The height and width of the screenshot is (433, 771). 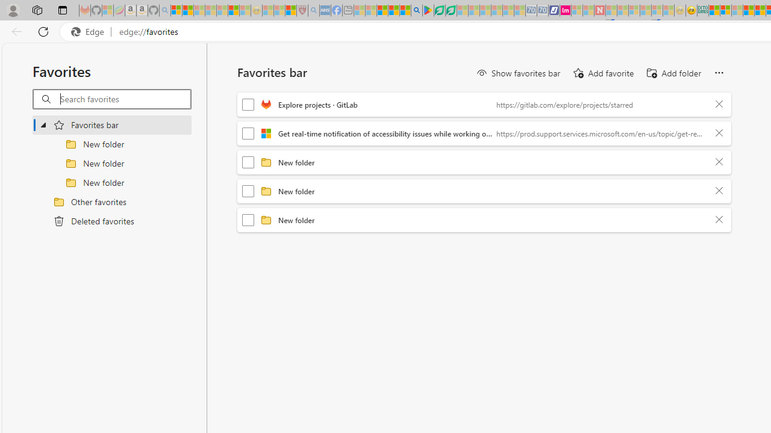 What do you see at coordinates (530, 10) in the screenshot?
I see `'Cheap Car Rentals - Save70.com - Sleeping'` at bounding box center [530, 10].